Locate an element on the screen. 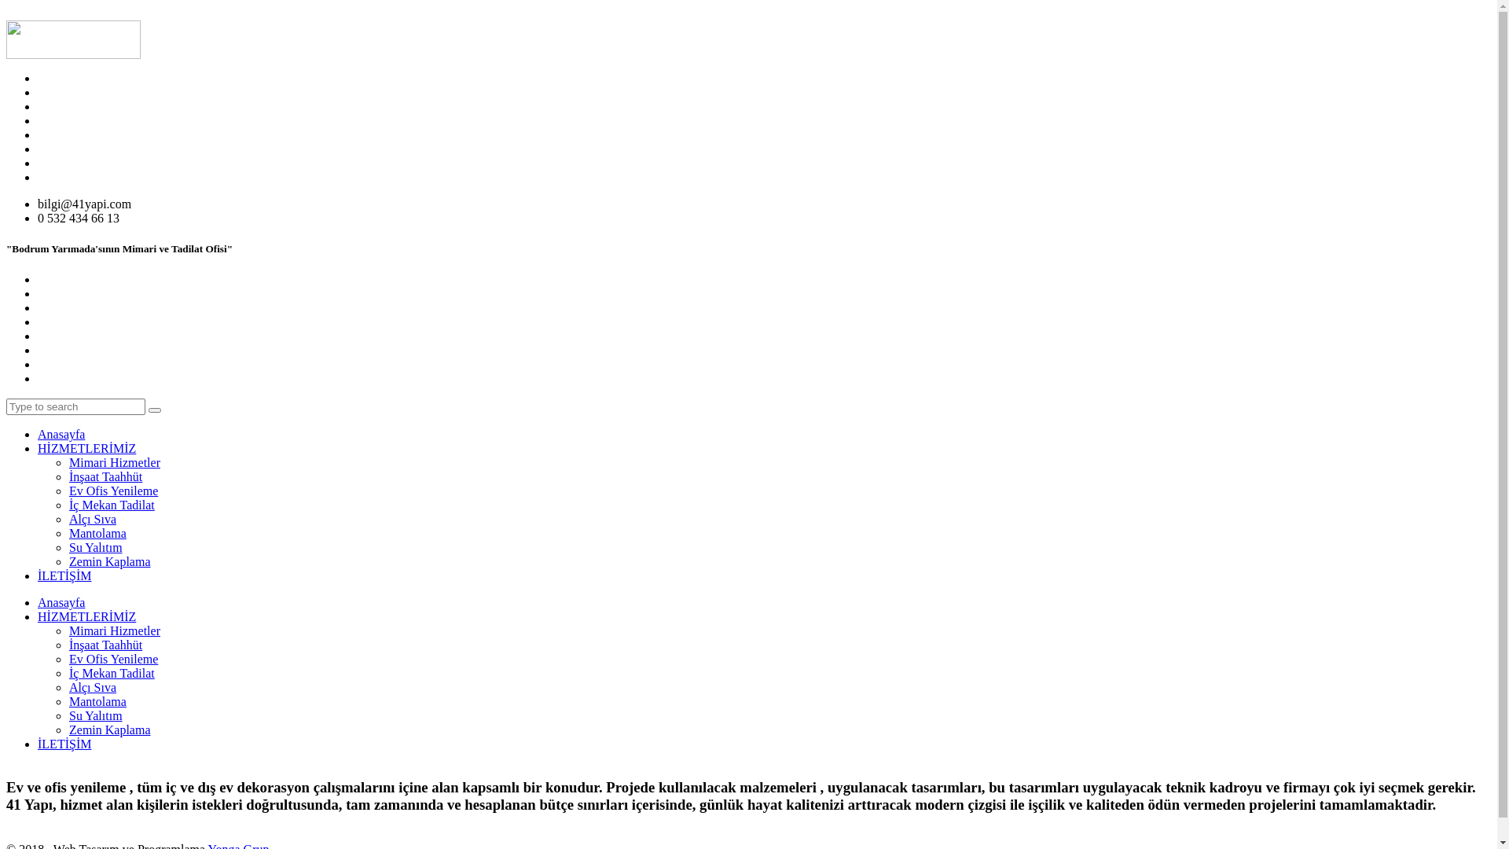  'Ev Ofis Yenileme' is located at coordinates (112, 490).